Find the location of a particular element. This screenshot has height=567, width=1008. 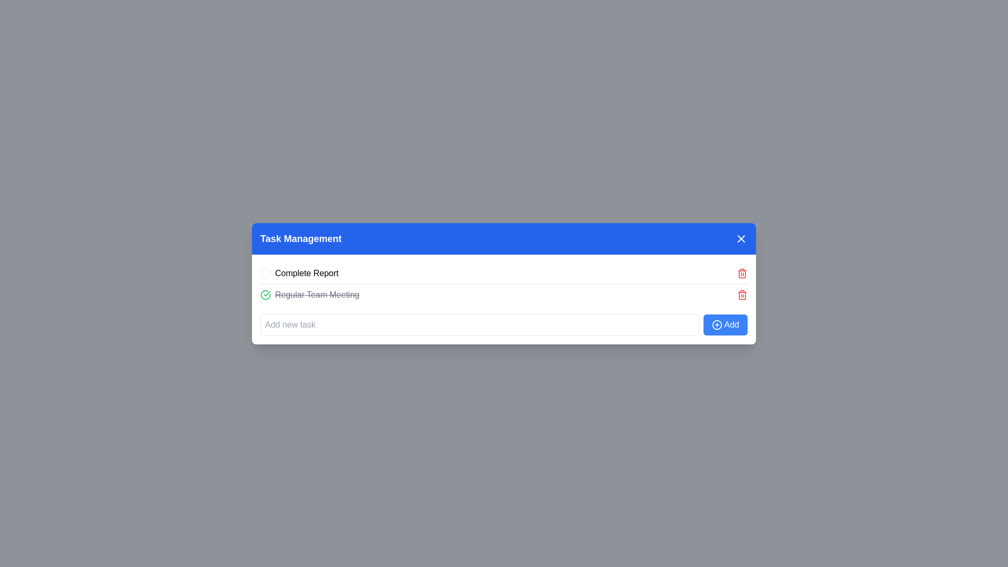

the static text label 'Complete Report' which is positioned next to a circle icon in the task management list interface is located at coordinates (306, 272).